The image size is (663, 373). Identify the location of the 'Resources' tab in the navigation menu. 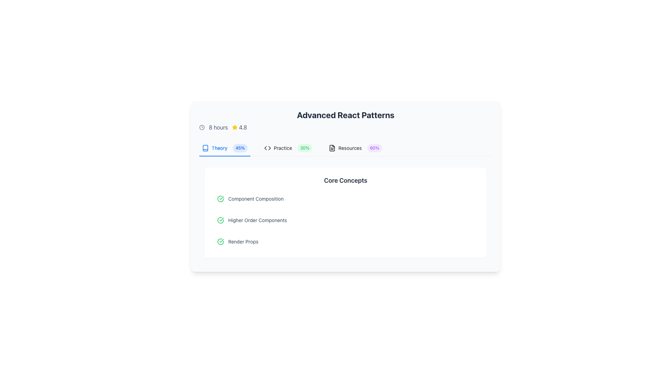
(355, 147).